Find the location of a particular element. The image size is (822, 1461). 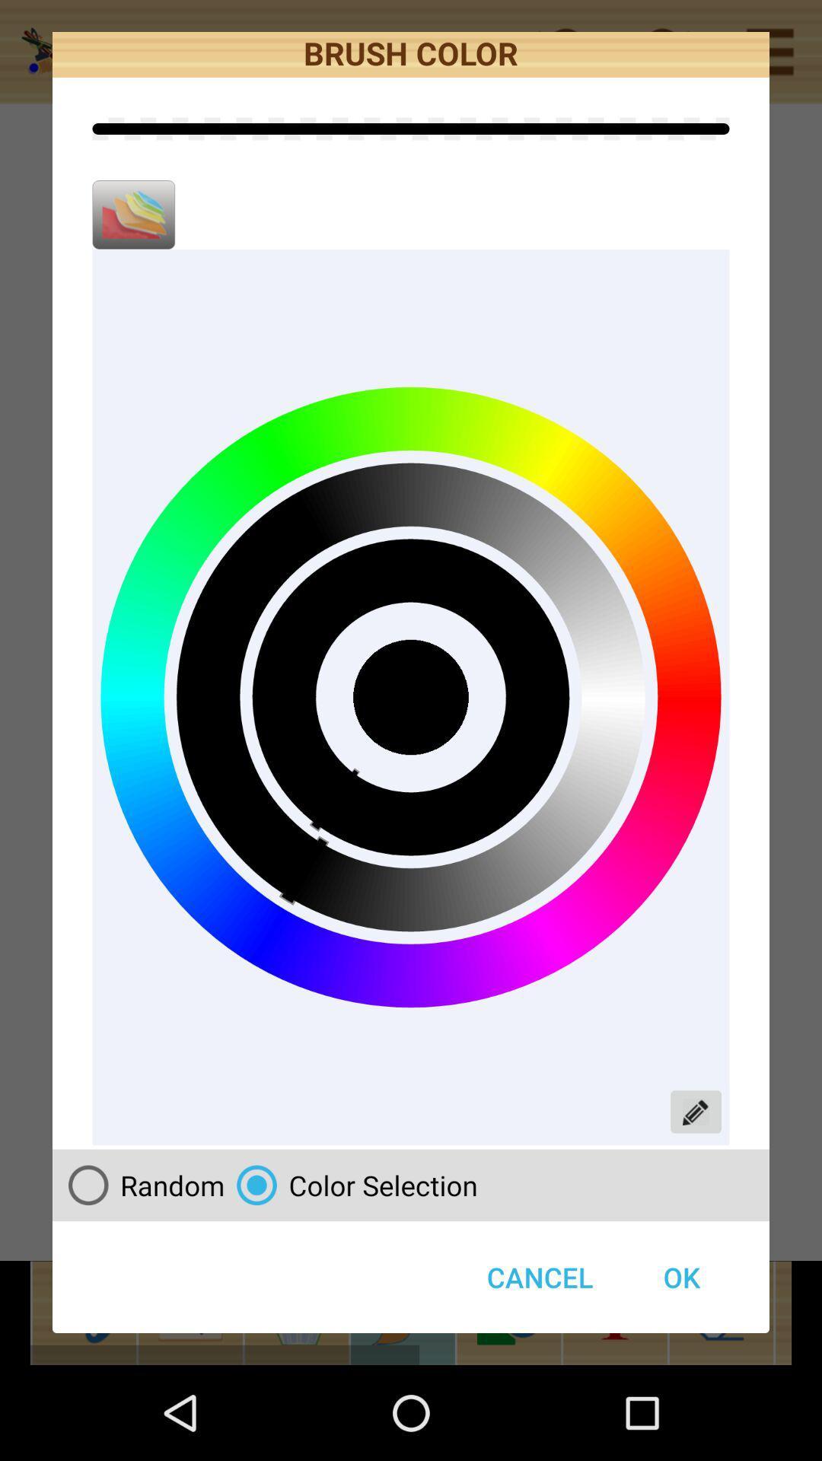

the random icon is located at coordinates (140, 1184).